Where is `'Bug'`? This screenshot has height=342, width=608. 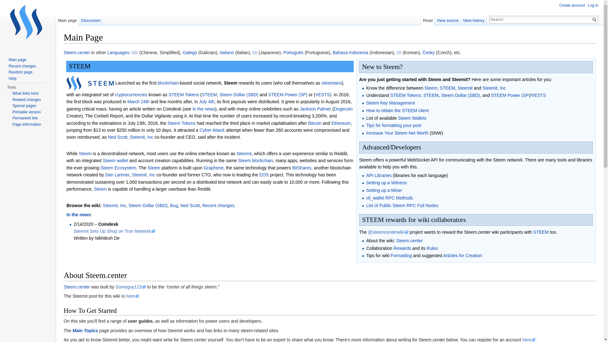
'Bug' is located at coordinates (170, 205).